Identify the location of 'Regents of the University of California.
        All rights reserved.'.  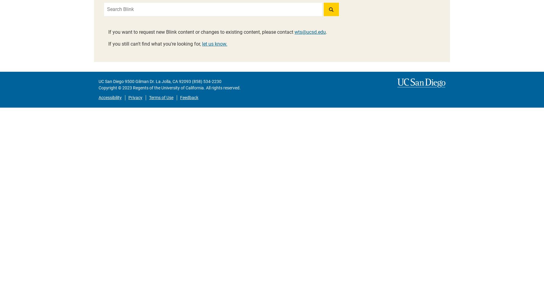
(131, 88).